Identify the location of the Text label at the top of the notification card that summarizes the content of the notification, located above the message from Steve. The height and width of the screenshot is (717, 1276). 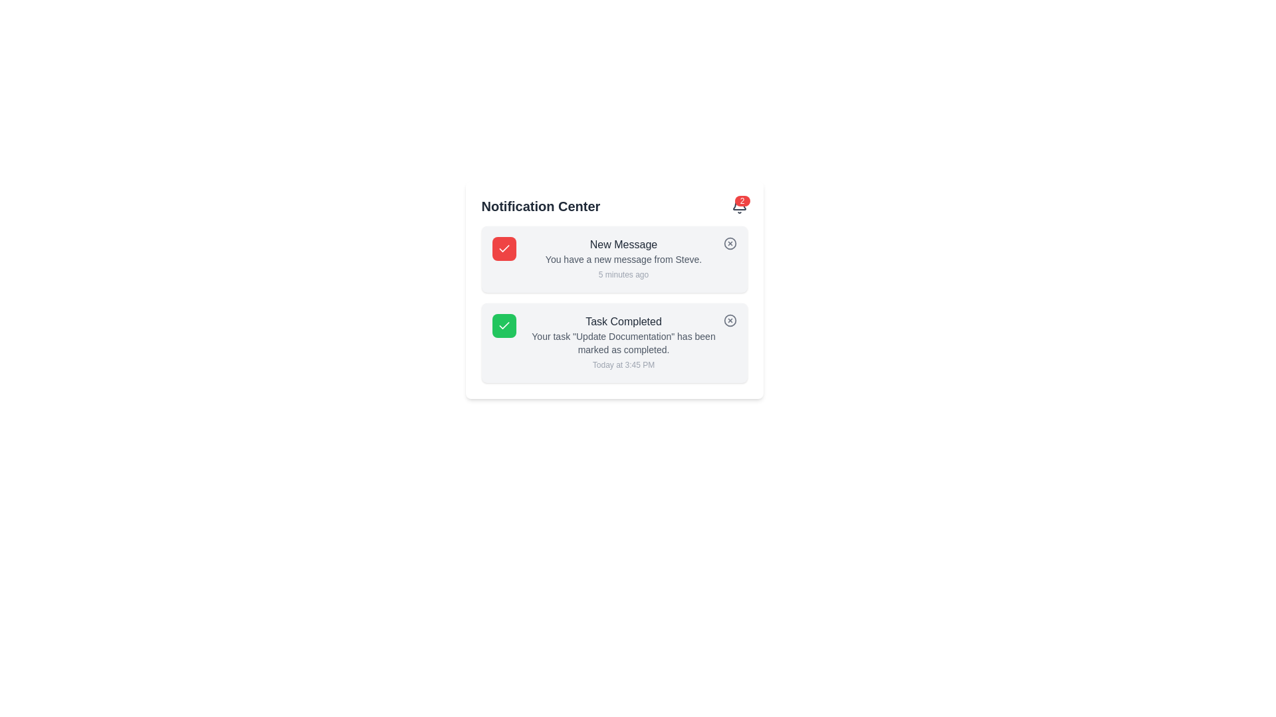
(623, 245).